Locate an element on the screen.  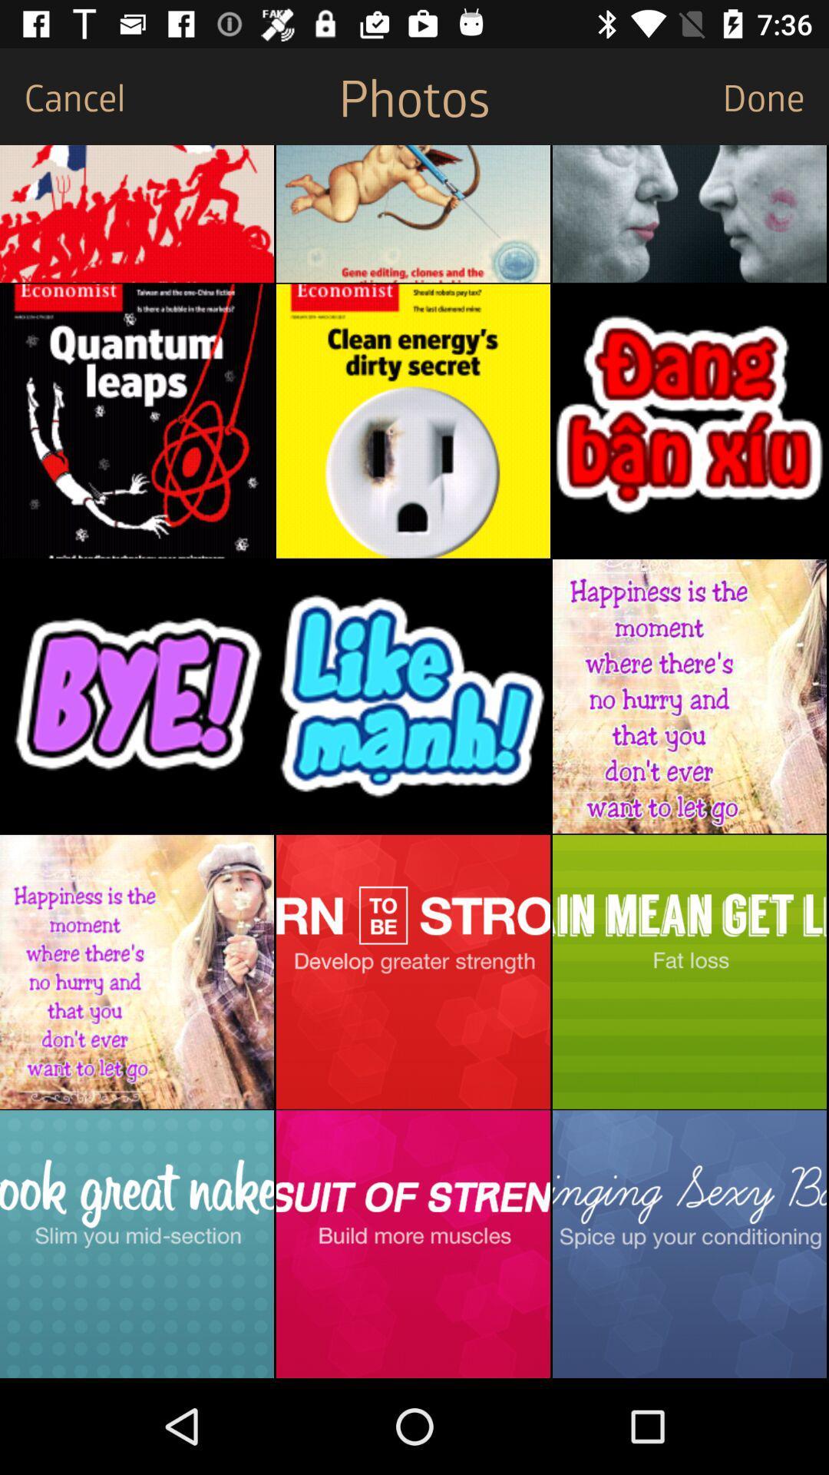
the image tab to open image is located at coordinates (136, 213).